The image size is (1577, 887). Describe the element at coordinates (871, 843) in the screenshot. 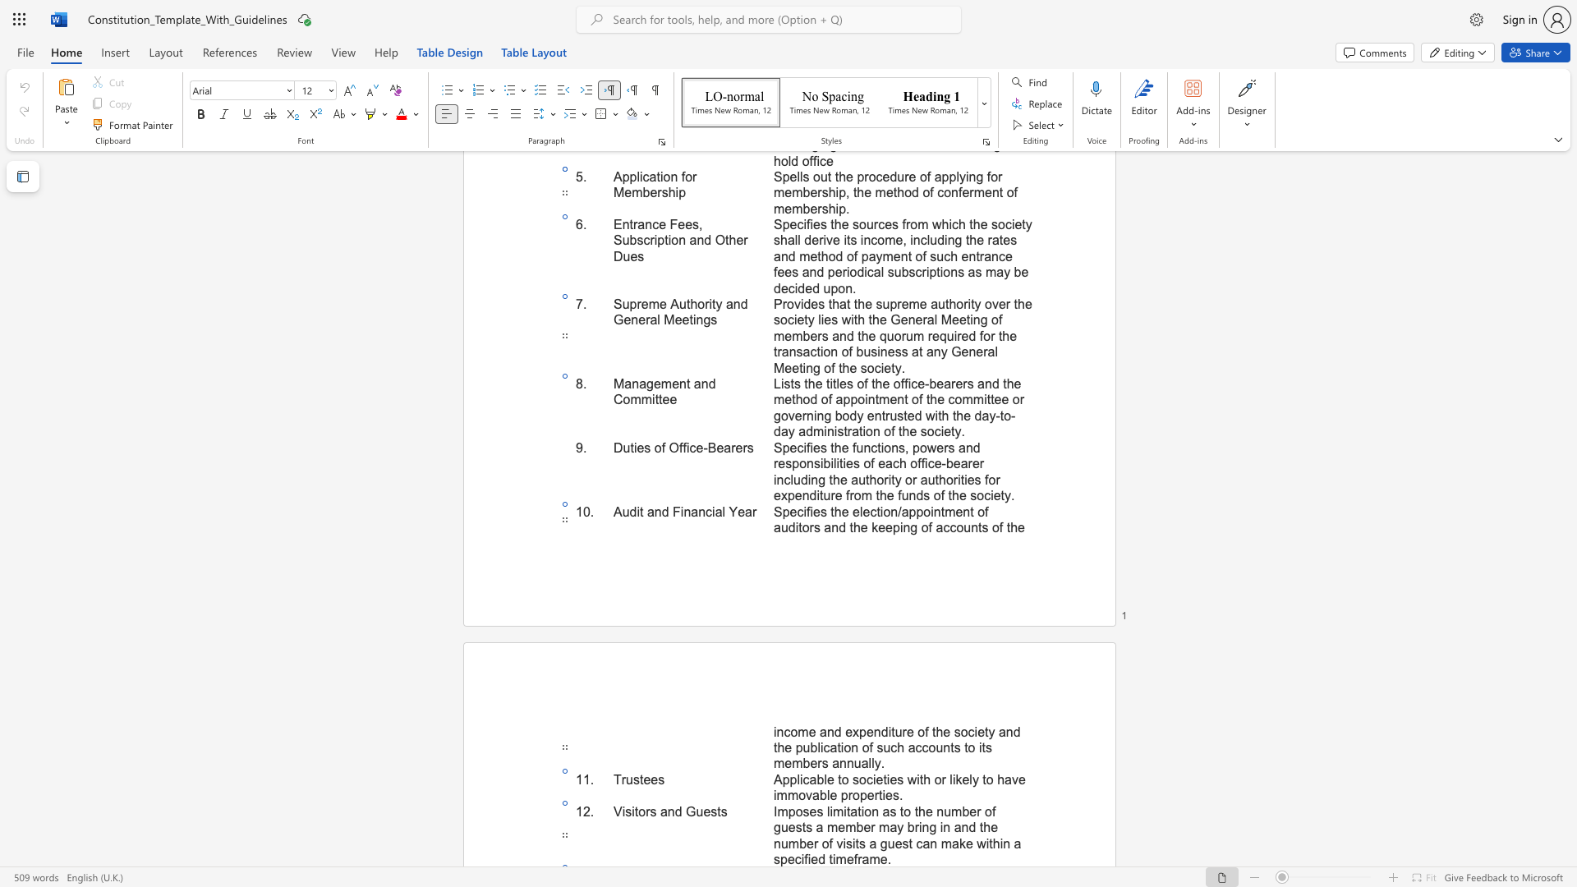

I see `the 6th character "a" in the text` at that location.